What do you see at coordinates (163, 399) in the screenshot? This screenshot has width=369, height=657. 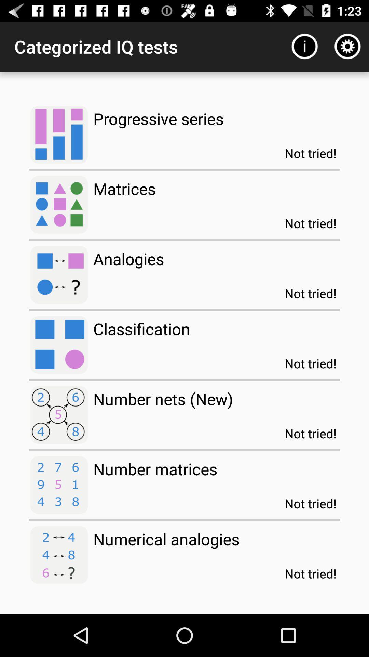 I see `the number nets (new) app` at bounding box center [163, 399].